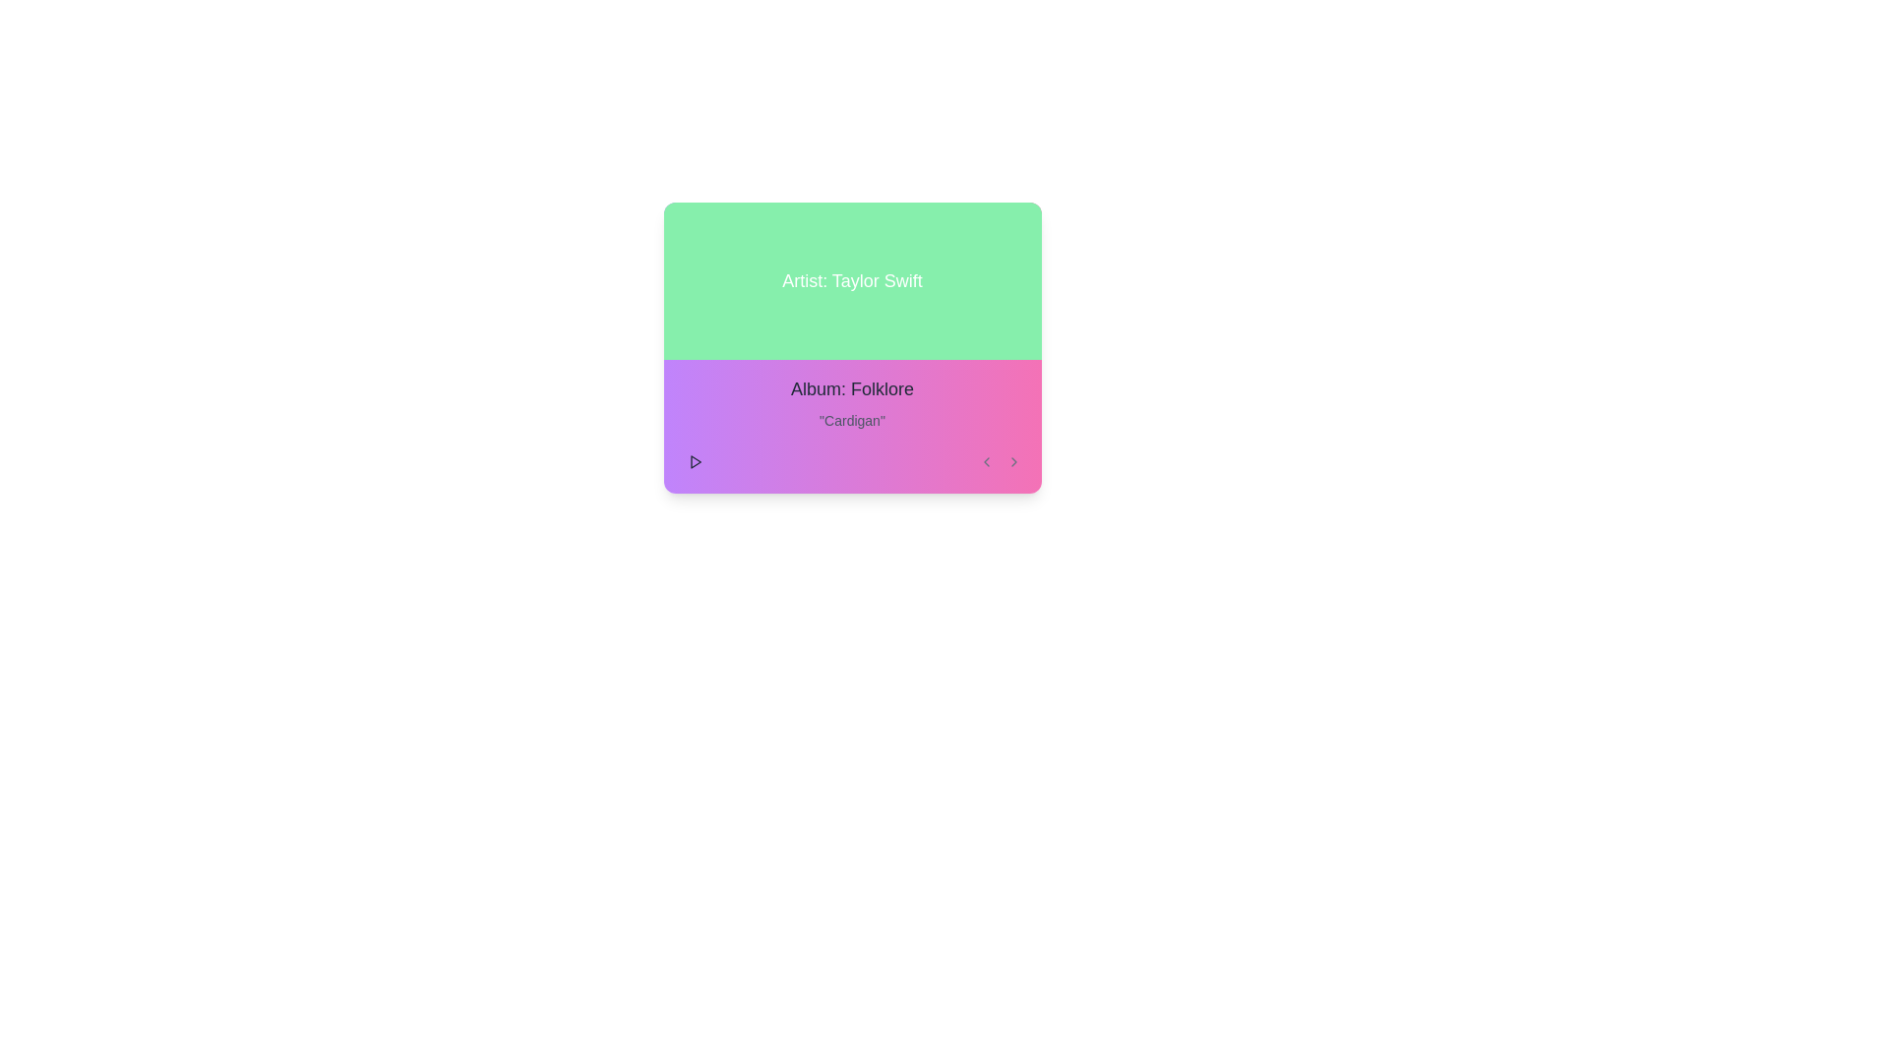  I want to click on the right-facing arrow button located at the bottom right corner of the card layout, so click(1013, 462).